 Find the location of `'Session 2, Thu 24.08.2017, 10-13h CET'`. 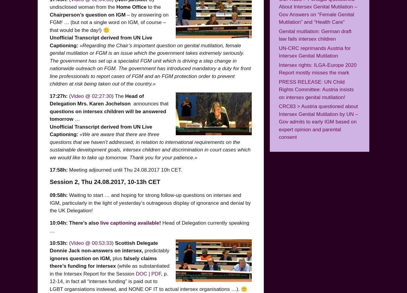

'Session 2, Thu 24.08.2017, 10-13h CET' is located at coordinates (49, 182).